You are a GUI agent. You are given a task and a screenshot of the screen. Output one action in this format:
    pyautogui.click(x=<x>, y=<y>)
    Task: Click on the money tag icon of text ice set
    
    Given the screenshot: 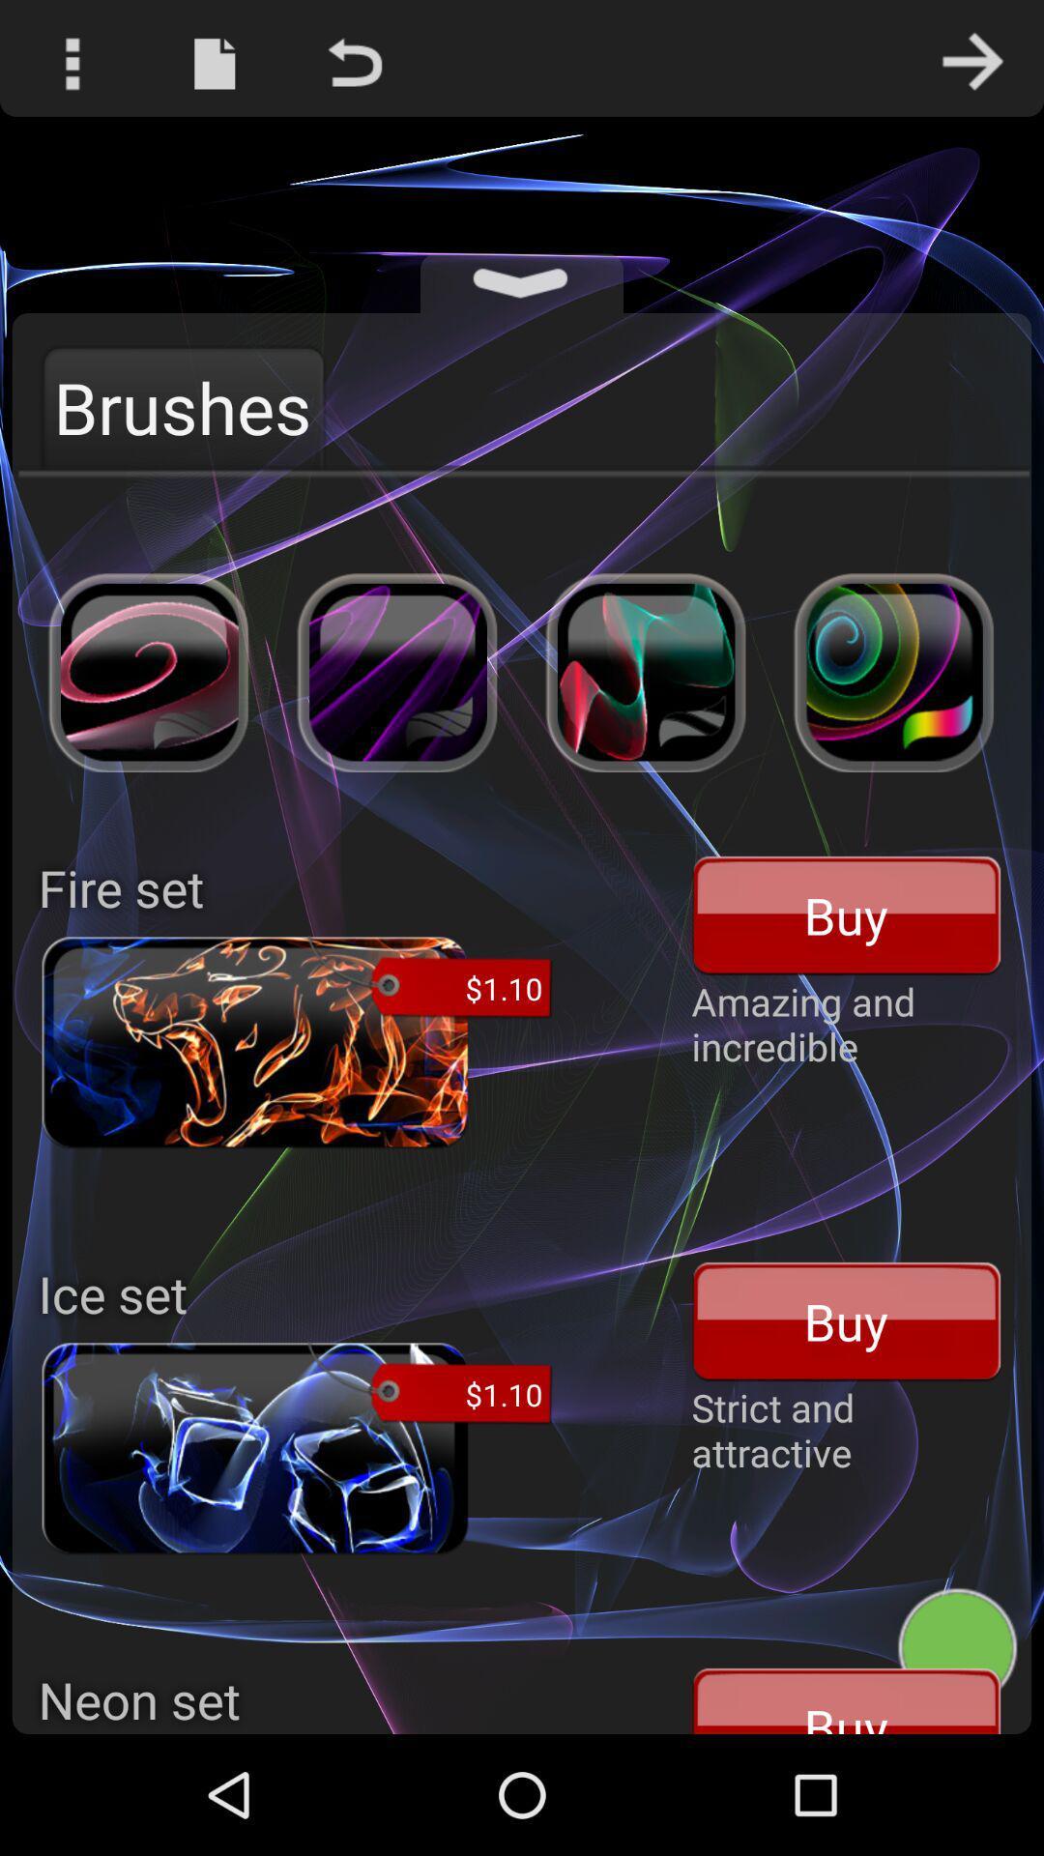 What is the action you would take?
    pyautogui.click(x=428, y=1384)
    